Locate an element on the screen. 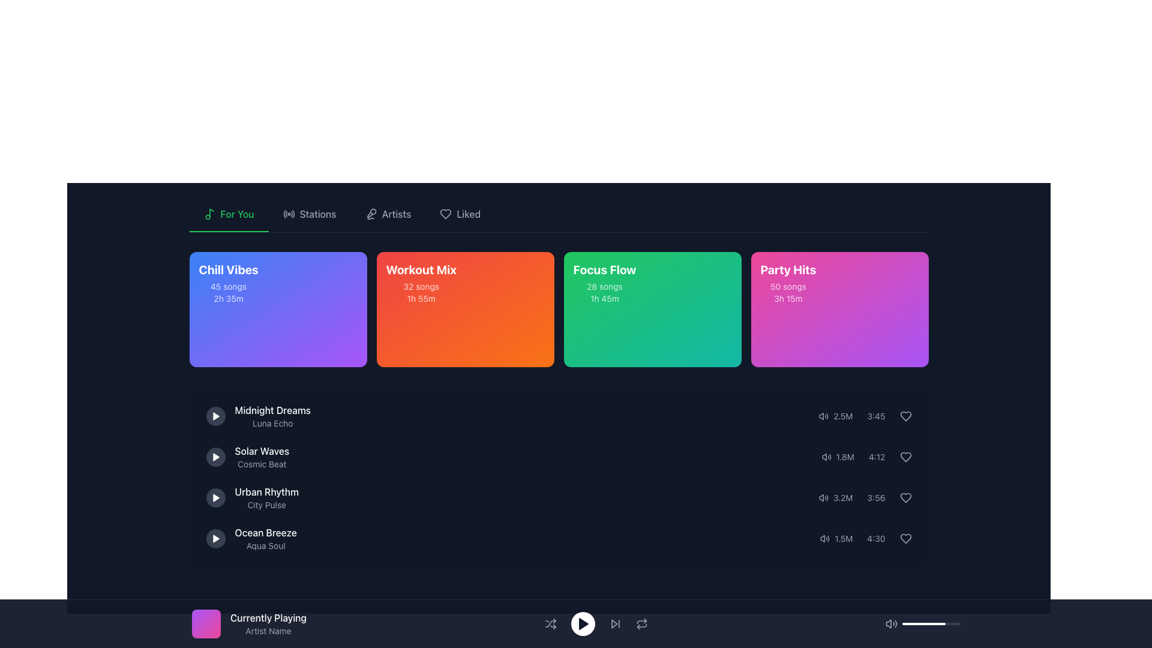 Image resolution: width=1152 pixels, height=648 pixels. the informational card titled 'Party Hits' located in the top-right section of the grid is located at coordinates (788, 283).